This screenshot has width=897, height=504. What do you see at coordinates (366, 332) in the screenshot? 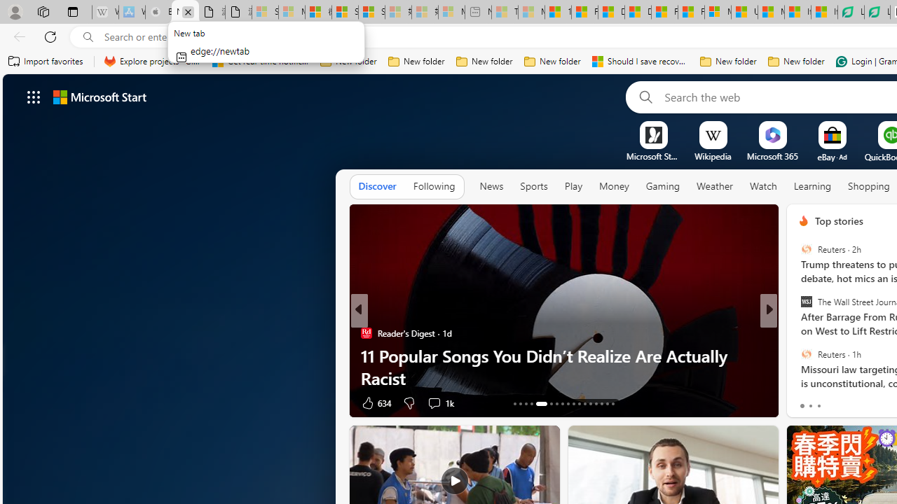
I see `'Reader'` at bounding box center [366, 332].